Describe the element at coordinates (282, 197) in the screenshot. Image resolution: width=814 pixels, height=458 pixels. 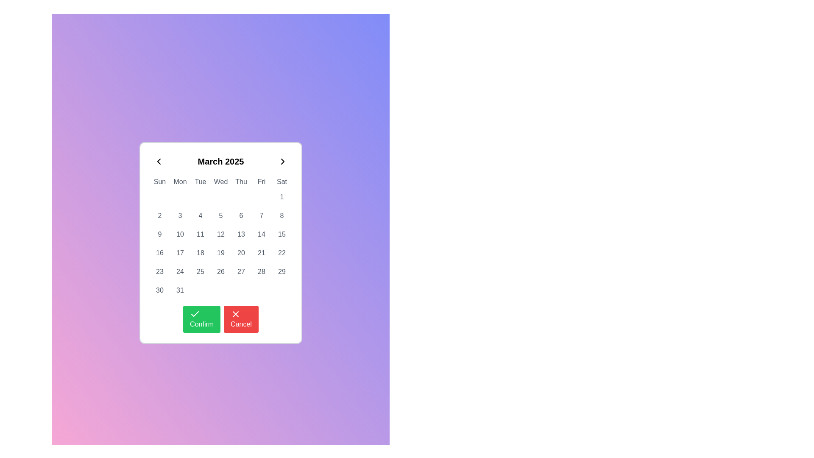
I see `the button representing the first day of the month in the calendar, located in the last column (Saturday) of the first row of day cells` at that location.